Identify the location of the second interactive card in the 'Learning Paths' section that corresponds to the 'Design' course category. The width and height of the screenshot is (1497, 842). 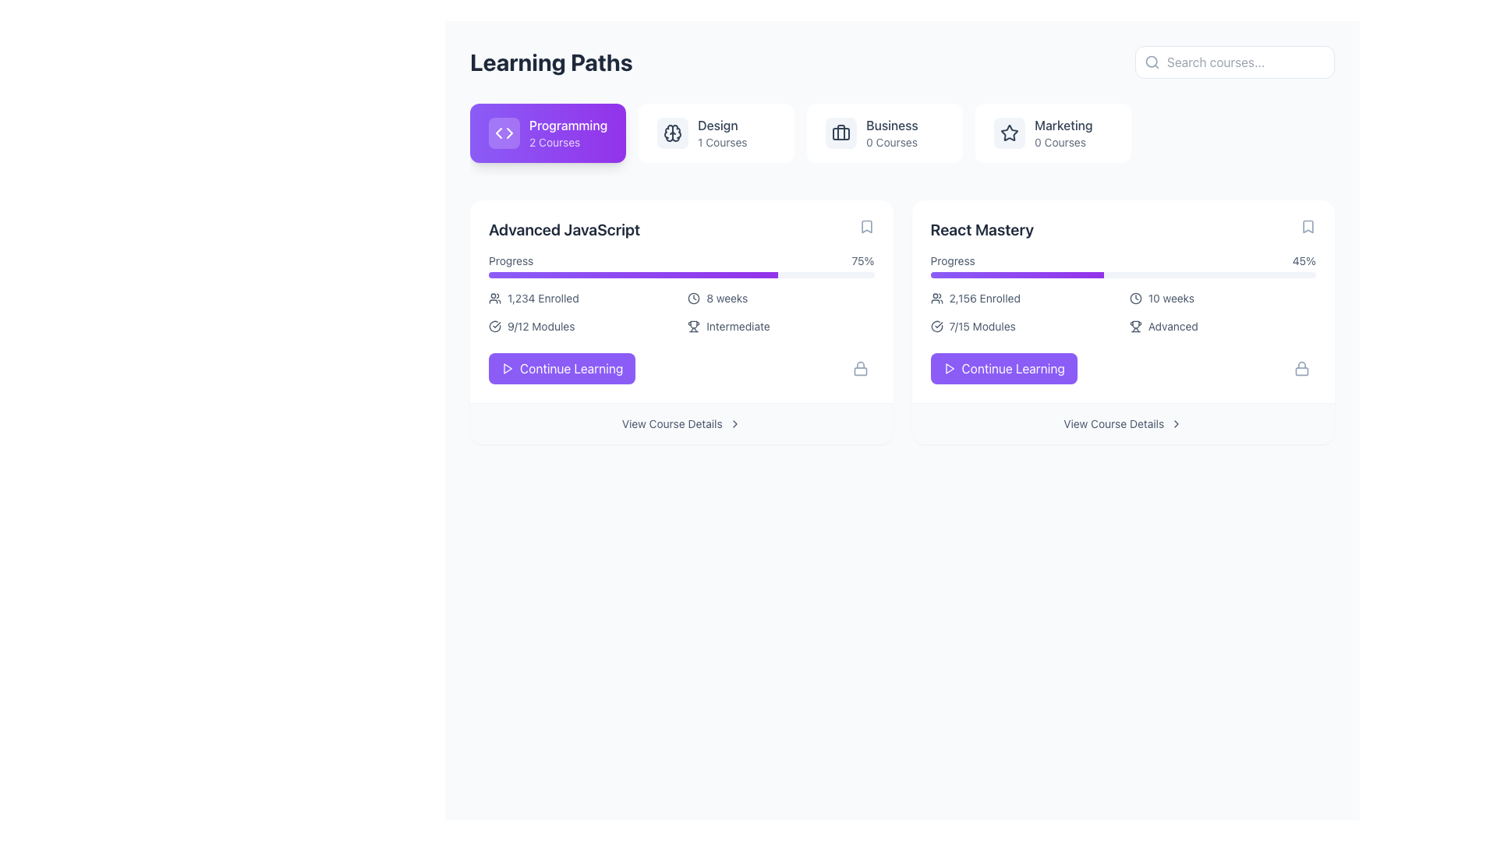
(716, 132).